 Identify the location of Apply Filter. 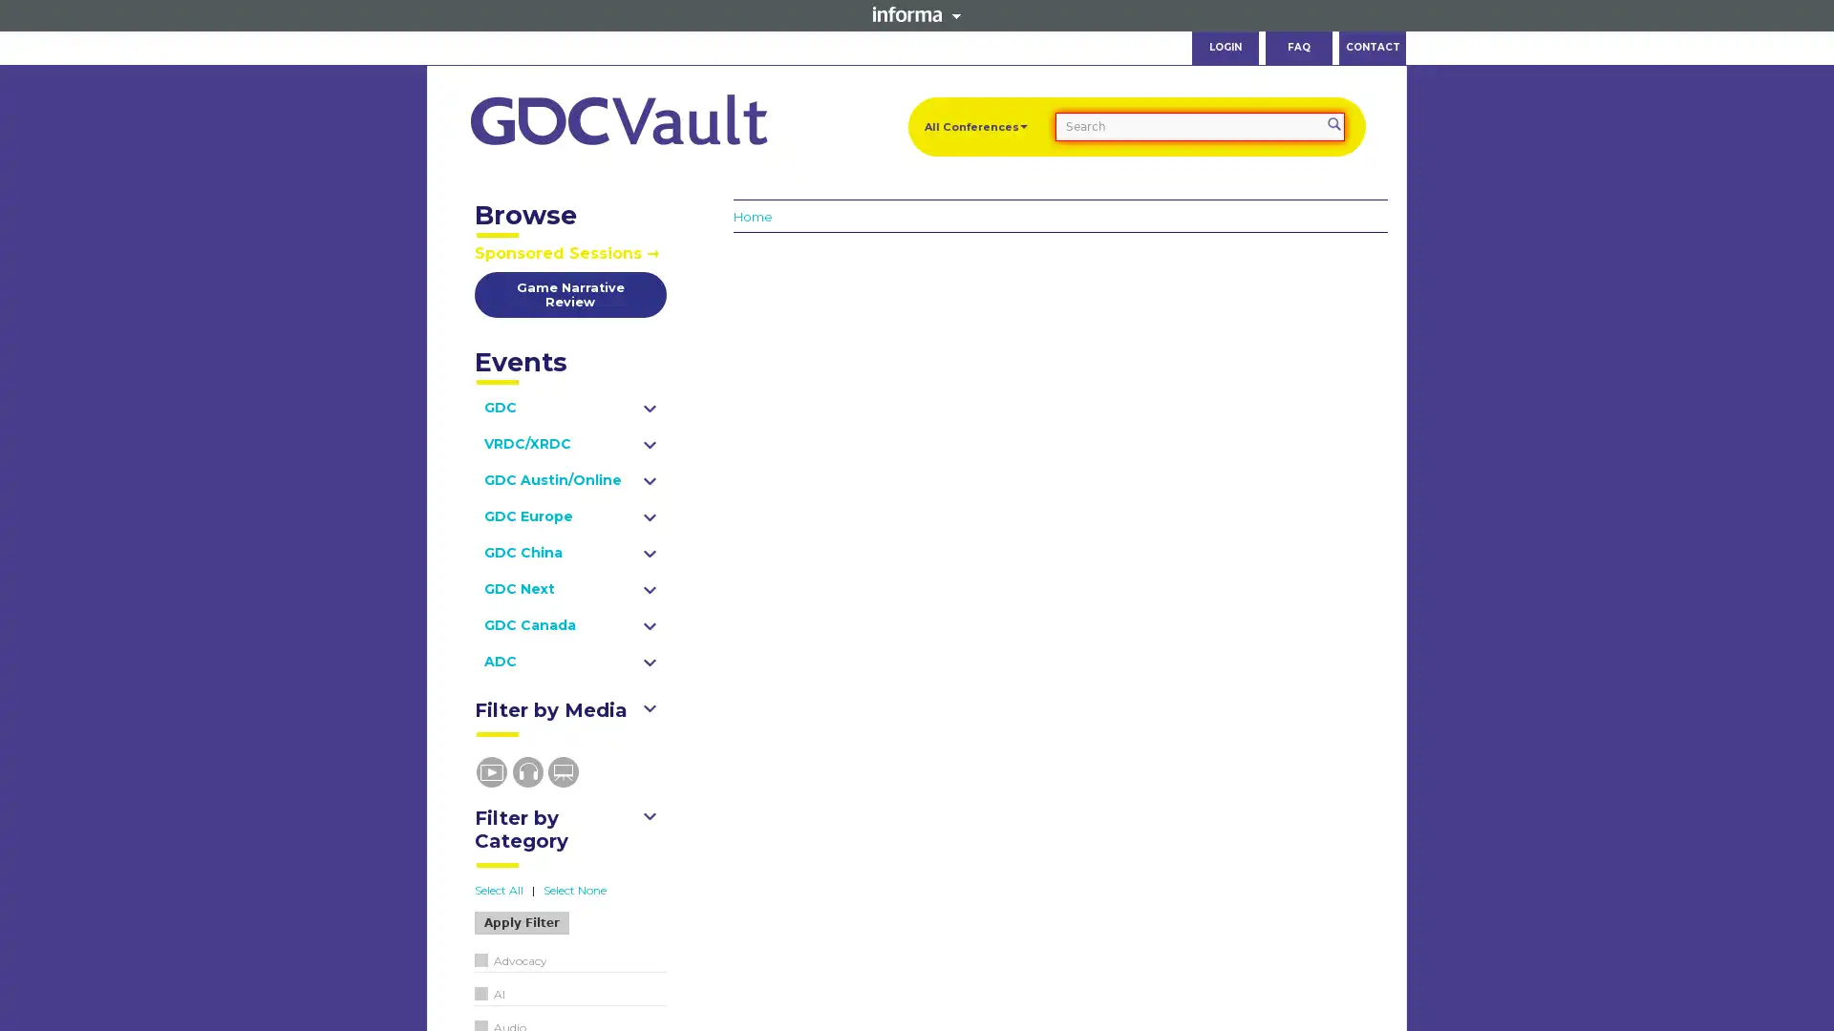
(521, 922).